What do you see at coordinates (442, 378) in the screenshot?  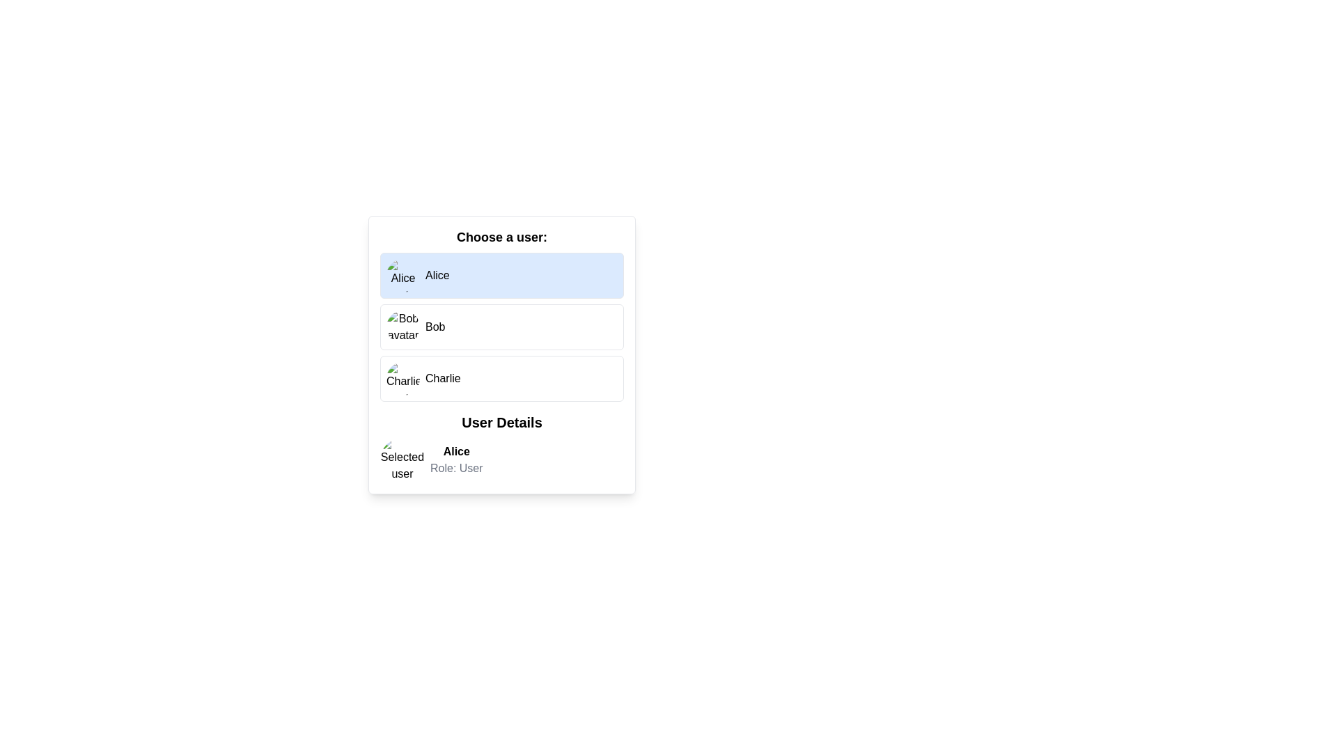 I see `the label identifying the user 'Charlie' in the user selection interface, located to the right of the circular avatar image` at bounding box center [442, 378].